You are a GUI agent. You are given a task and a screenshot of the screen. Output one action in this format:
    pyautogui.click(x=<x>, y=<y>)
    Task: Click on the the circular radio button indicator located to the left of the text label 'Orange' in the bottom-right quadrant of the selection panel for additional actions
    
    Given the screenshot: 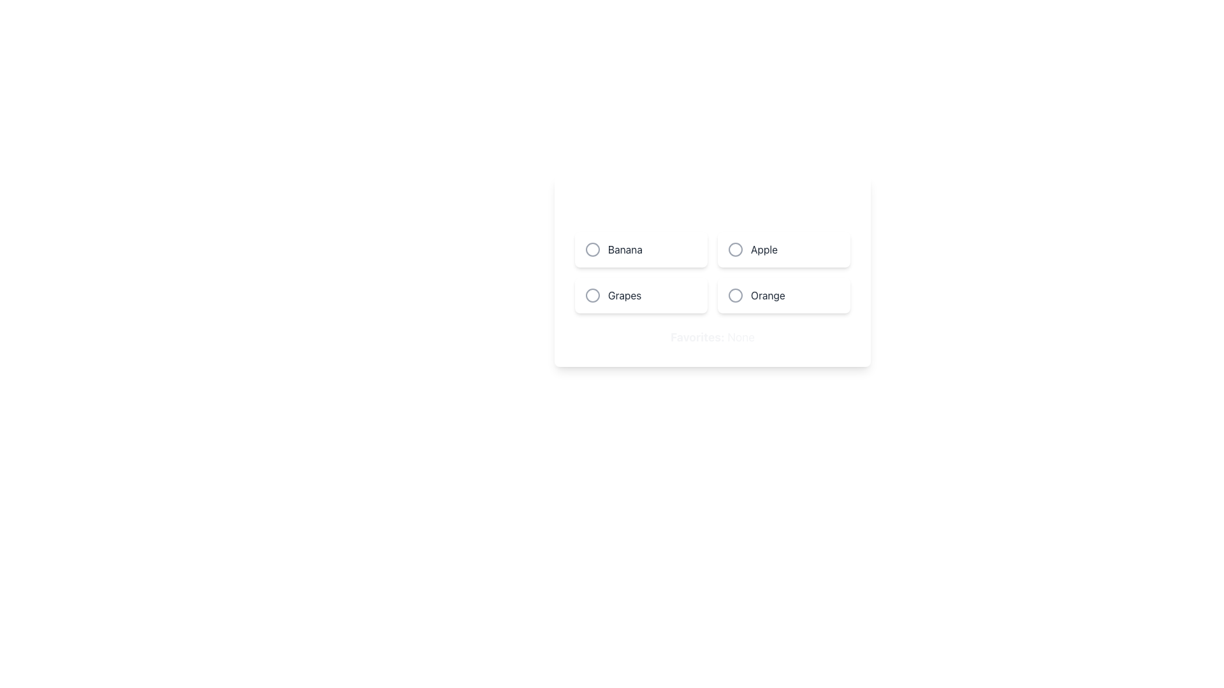 What is the action you would take?
    pyautogui.click(x=735, y=295)
    